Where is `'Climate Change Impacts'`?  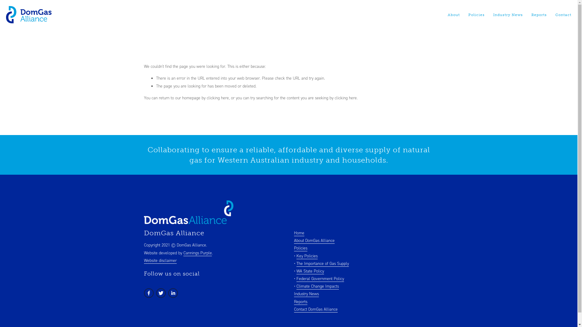 'Climate Change Impacts' is located at coordinates (317, 286).